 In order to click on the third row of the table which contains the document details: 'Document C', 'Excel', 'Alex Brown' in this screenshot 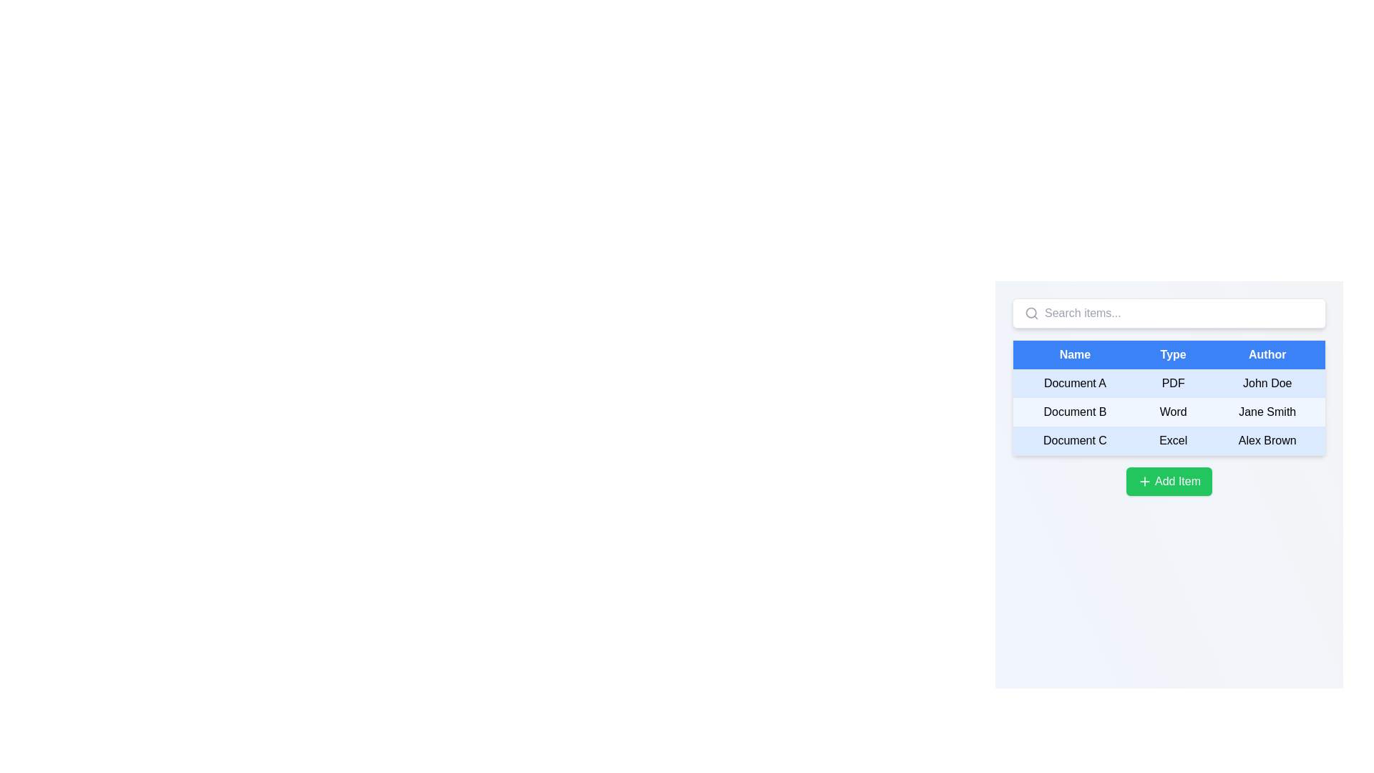, I will do `click(1169, 440)`.